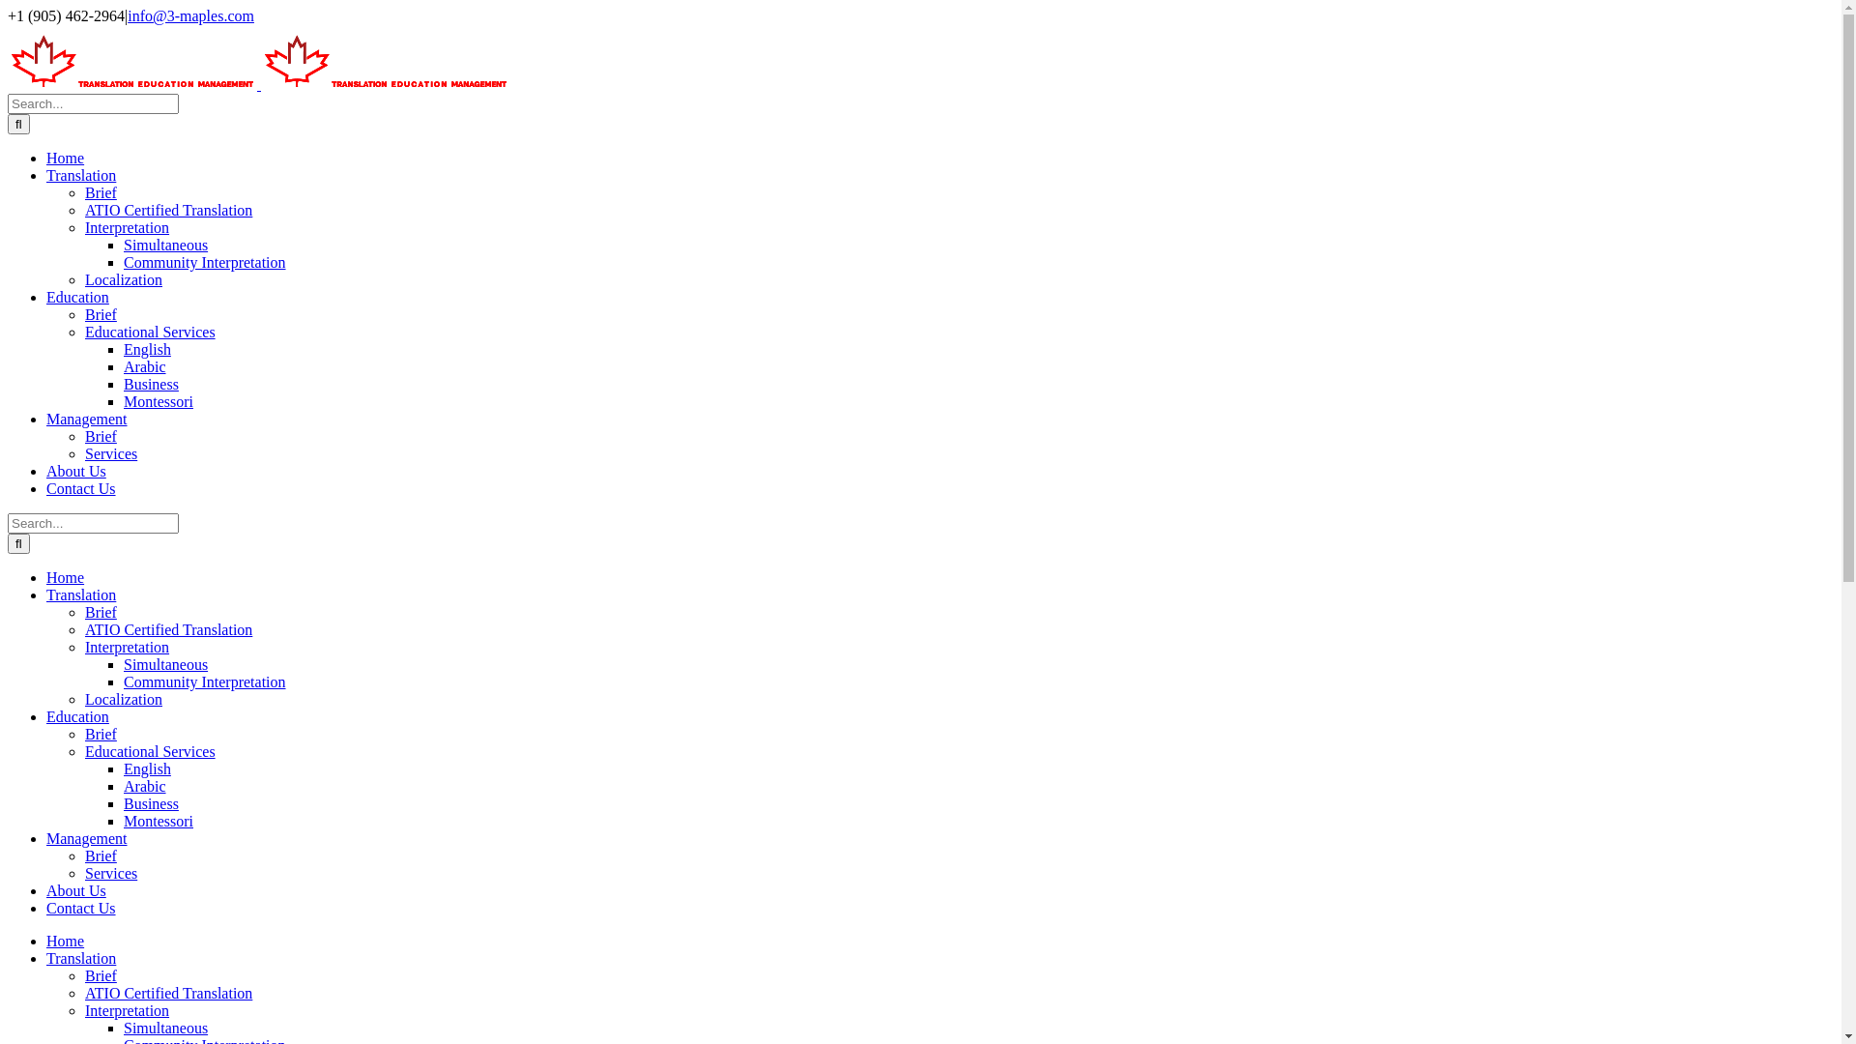  I want to click on 'Services', so click(110, 453).